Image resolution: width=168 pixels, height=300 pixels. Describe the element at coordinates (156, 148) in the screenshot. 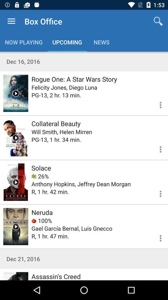

I see `look at options for this movie` at that location.